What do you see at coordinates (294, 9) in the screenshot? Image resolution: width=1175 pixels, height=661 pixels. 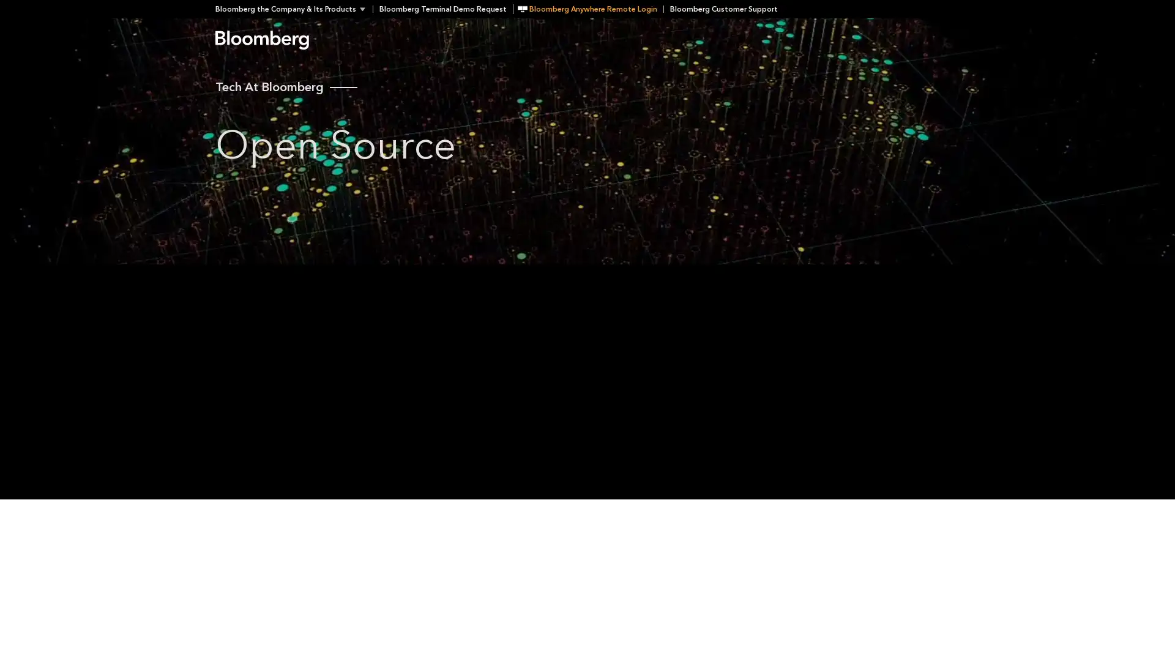 I see `Bloomberg the Company & Its Products` at bounding box center [294, 9].